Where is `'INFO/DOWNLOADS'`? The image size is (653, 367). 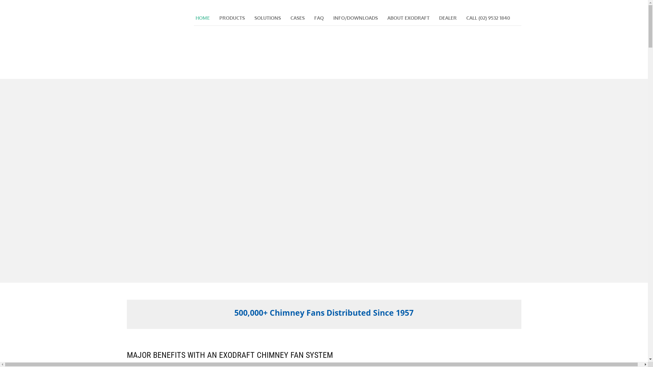
'INFO/DOWNLOADS' is located at coordinates (331, 18).